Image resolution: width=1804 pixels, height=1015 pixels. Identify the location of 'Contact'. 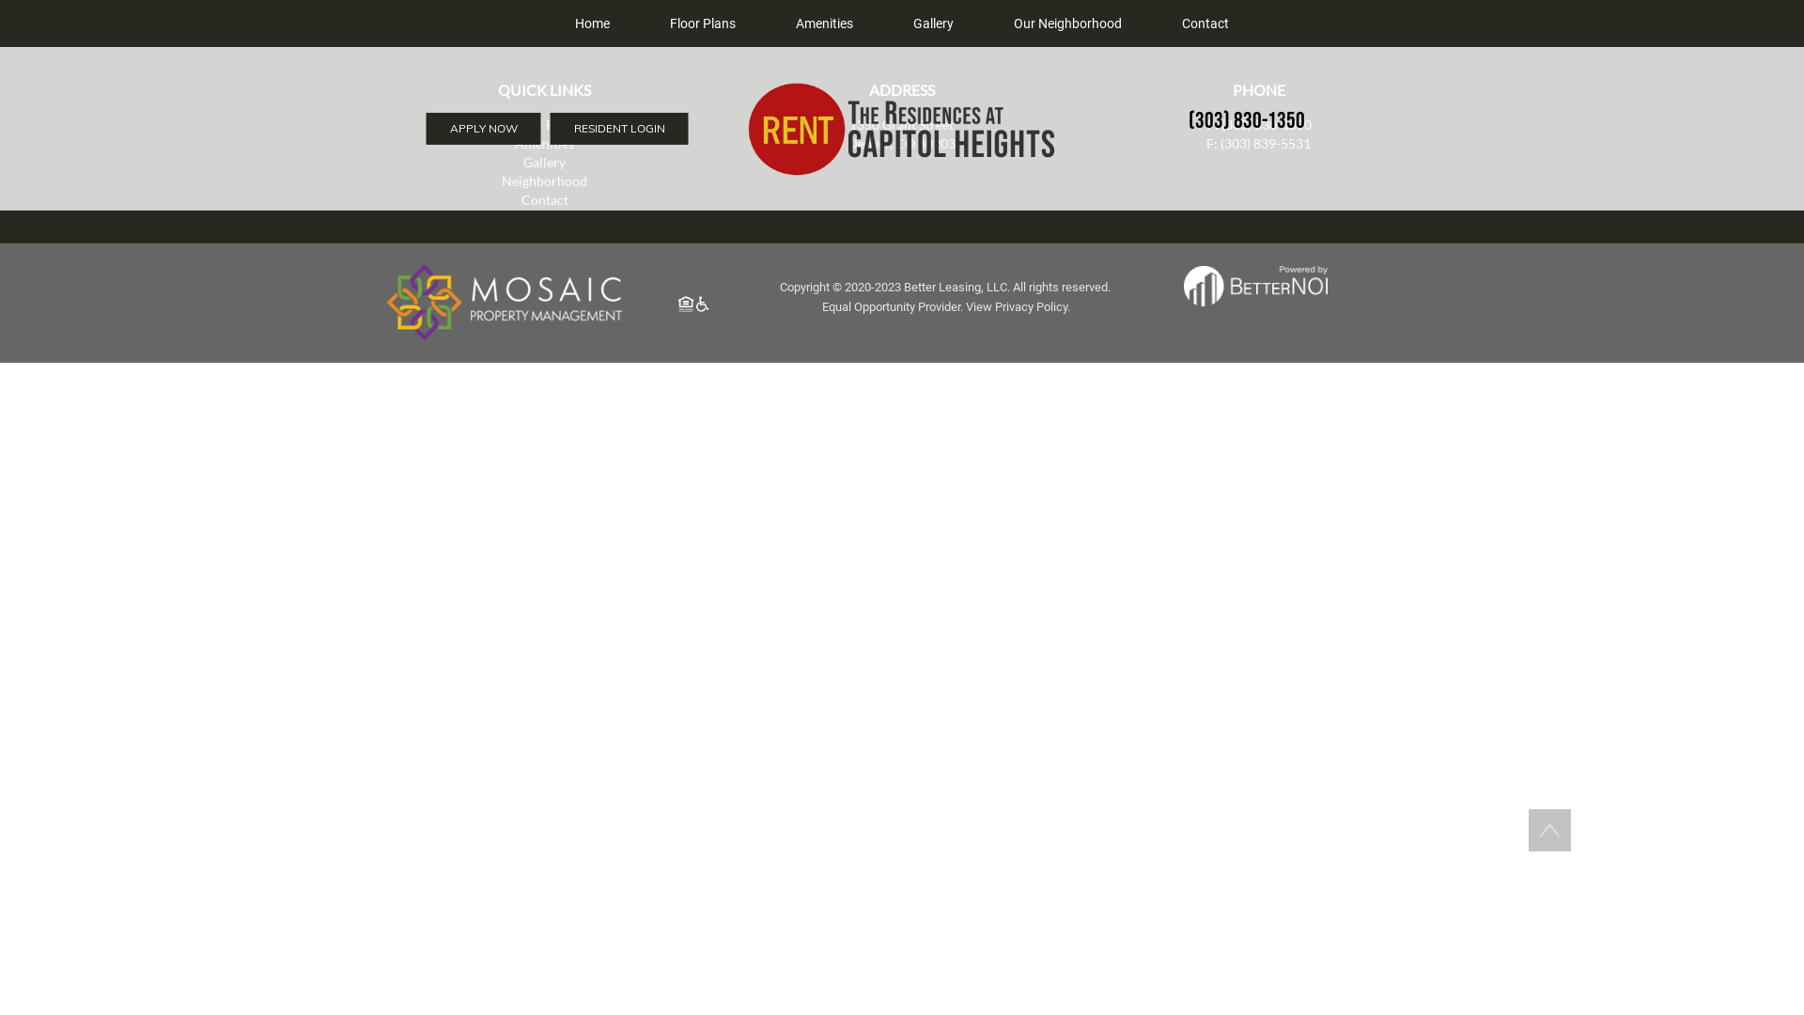
(544, 199).